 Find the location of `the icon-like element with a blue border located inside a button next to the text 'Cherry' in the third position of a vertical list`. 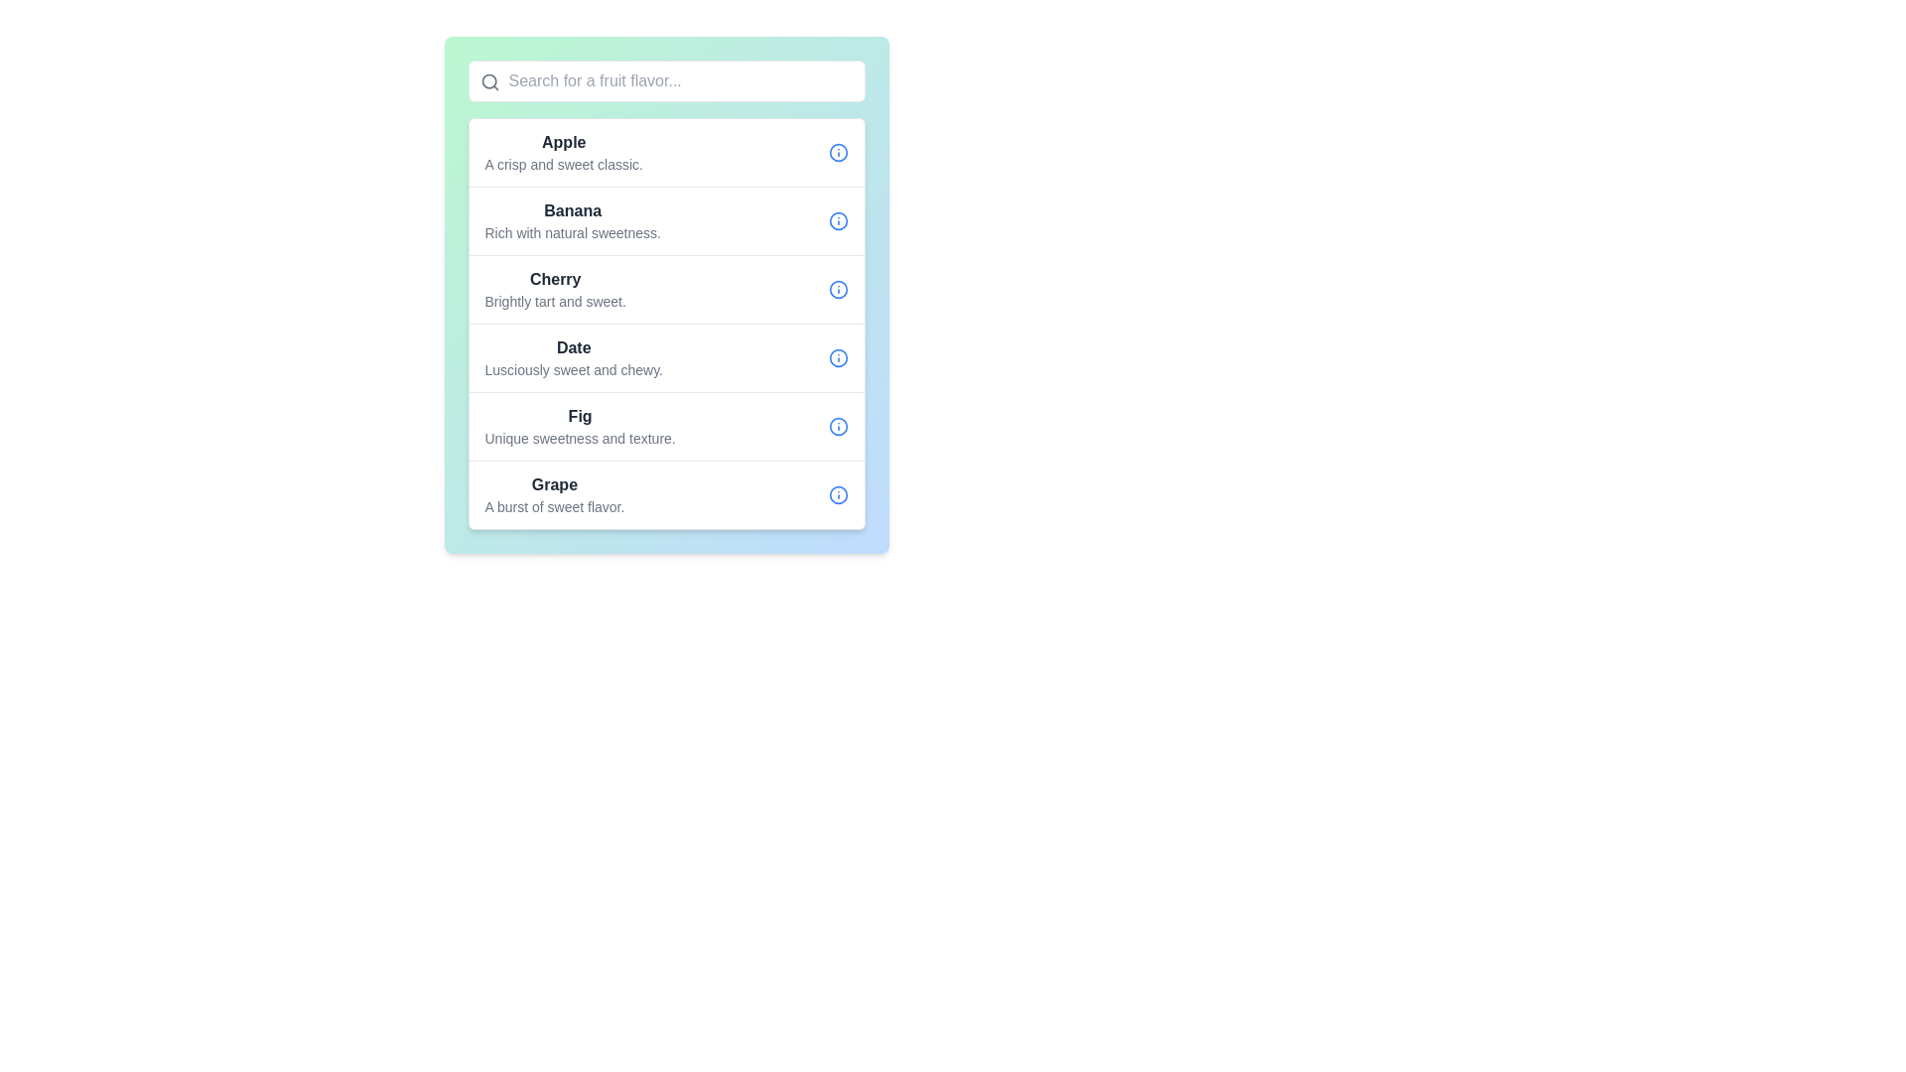

the icon-like element with a blue border located inside a button next to the text 'Cherry' in the third position of a vertical list is located at coordinates (838, 290).